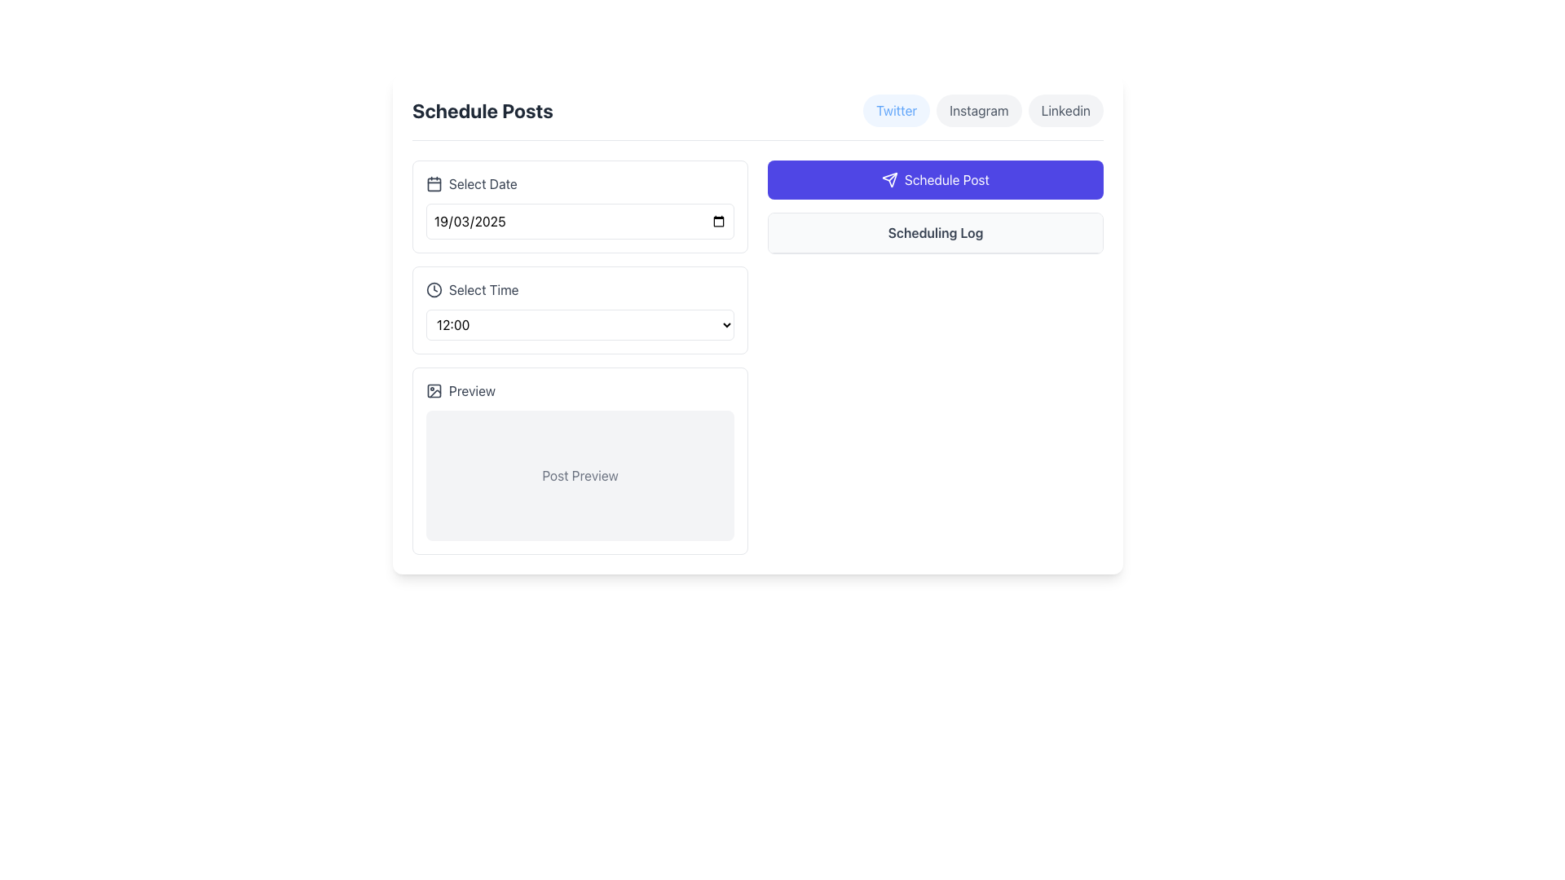  I want to click on the calendar icon near the top-left corner of the 'Select Date' input area, so click(434, 183).